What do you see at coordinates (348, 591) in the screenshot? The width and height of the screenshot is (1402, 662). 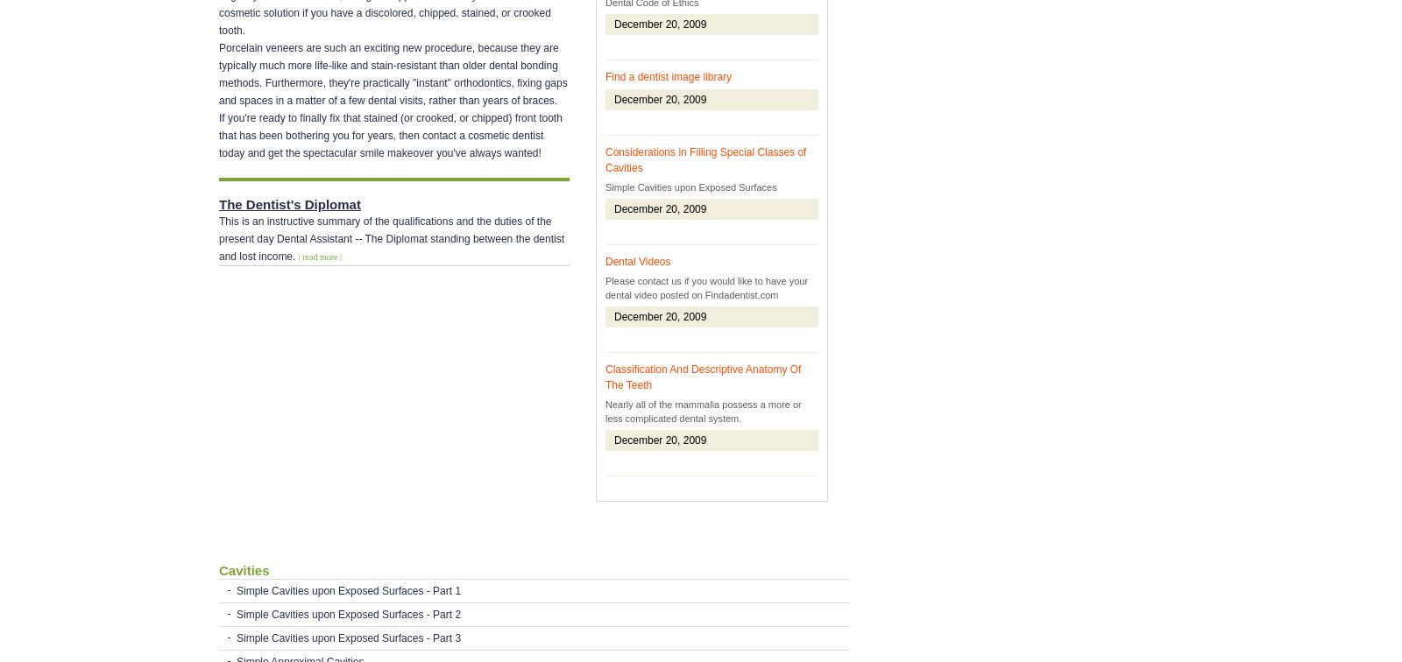 I see `'Simple Cavities upon Exposed Surfaces - Part 1'` at bounding box center [348, 591].